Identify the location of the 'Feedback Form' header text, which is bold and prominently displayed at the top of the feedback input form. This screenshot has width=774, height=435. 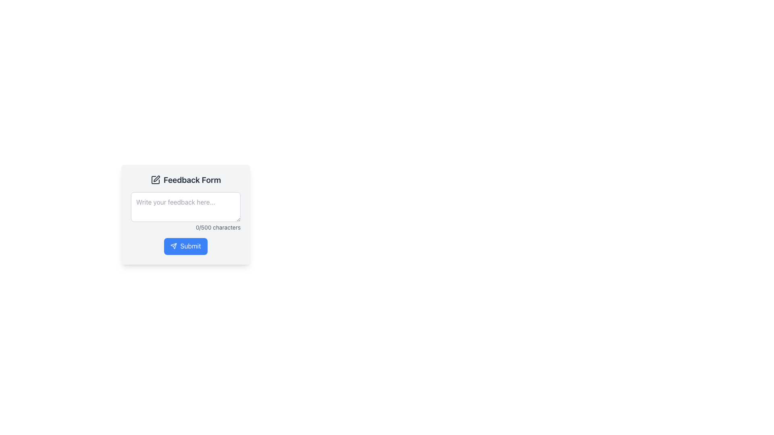
(185, 180).